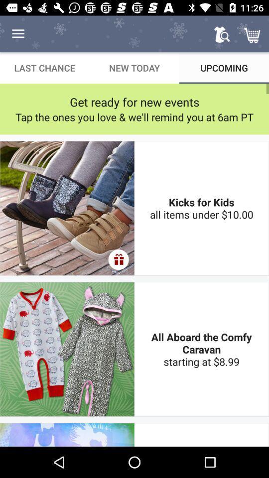 Image resolution: width=269 pixels, height=478 pixels. I want to click on the item above last chance item, so click(18, 34).